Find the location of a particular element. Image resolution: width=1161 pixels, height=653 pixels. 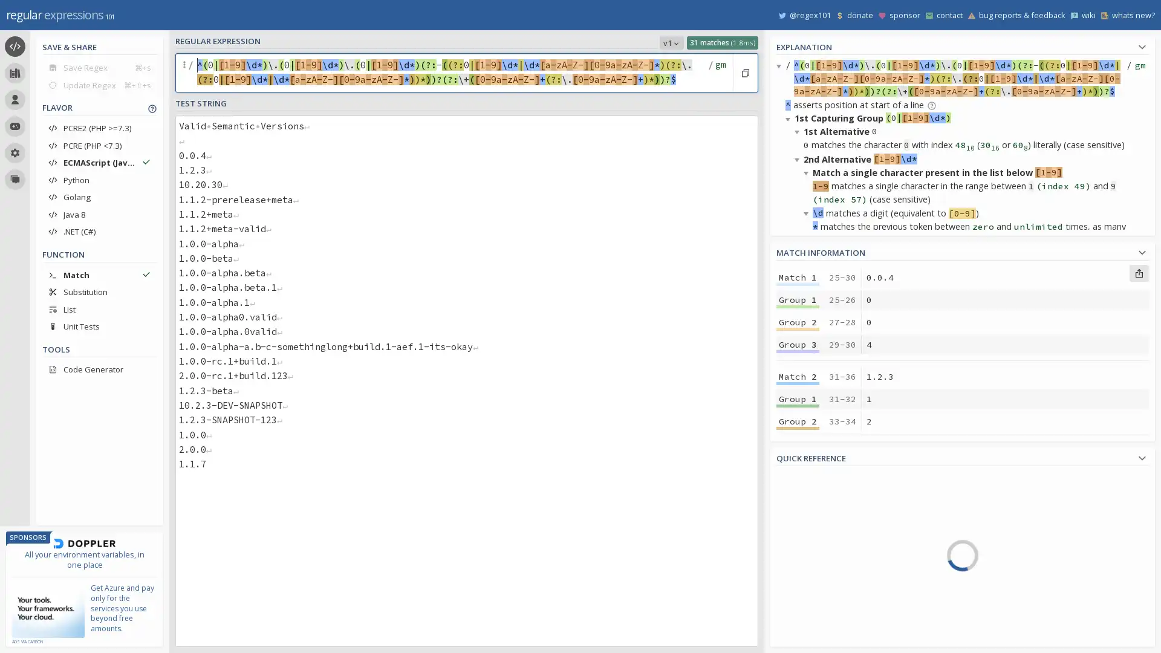

Substitution is located at coordinates (99, 291).